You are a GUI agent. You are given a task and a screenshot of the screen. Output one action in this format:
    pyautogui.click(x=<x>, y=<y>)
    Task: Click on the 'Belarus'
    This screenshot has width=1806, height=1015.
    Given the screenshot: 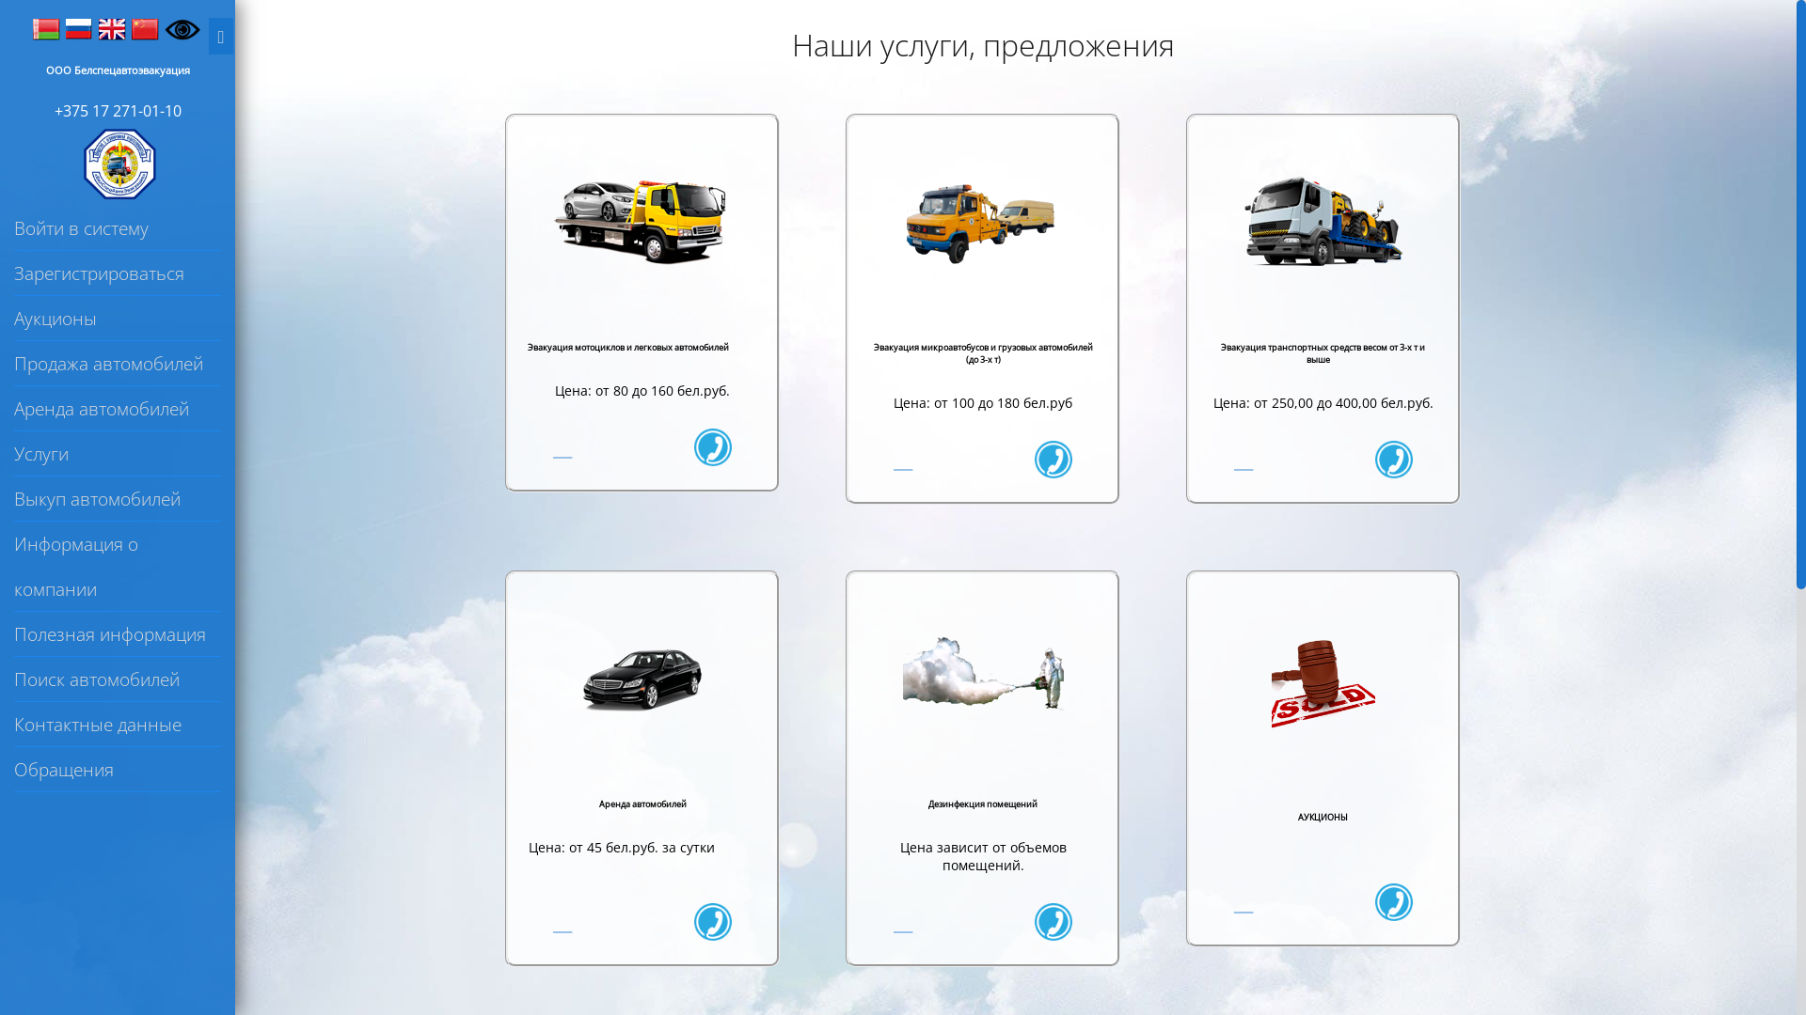 What is the action you would take?
    pyautogui.click(x=46, y=29)
    